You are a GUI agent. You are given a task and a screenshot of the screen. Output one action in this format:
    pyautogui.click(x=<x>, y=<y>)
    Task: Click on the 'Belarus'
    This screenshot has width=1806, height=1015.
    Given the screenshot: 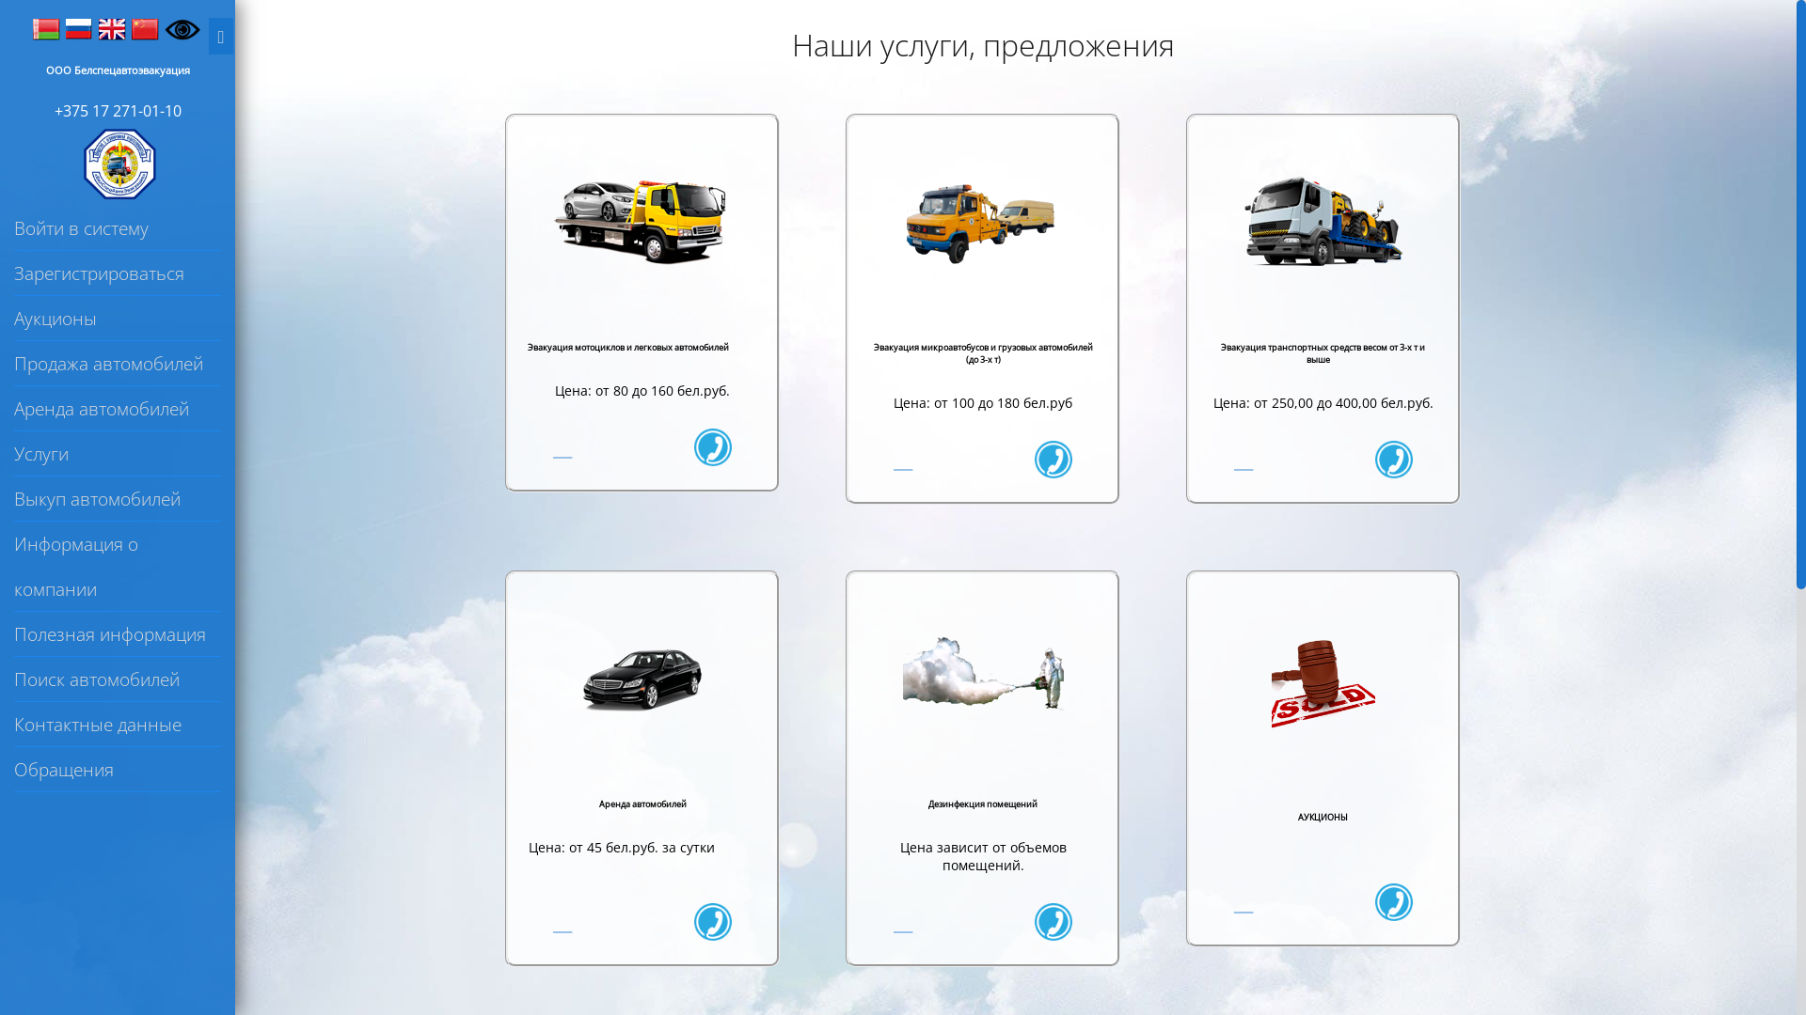 What is the action you would take?
    pyautogui.click(x=46, y=29)
    